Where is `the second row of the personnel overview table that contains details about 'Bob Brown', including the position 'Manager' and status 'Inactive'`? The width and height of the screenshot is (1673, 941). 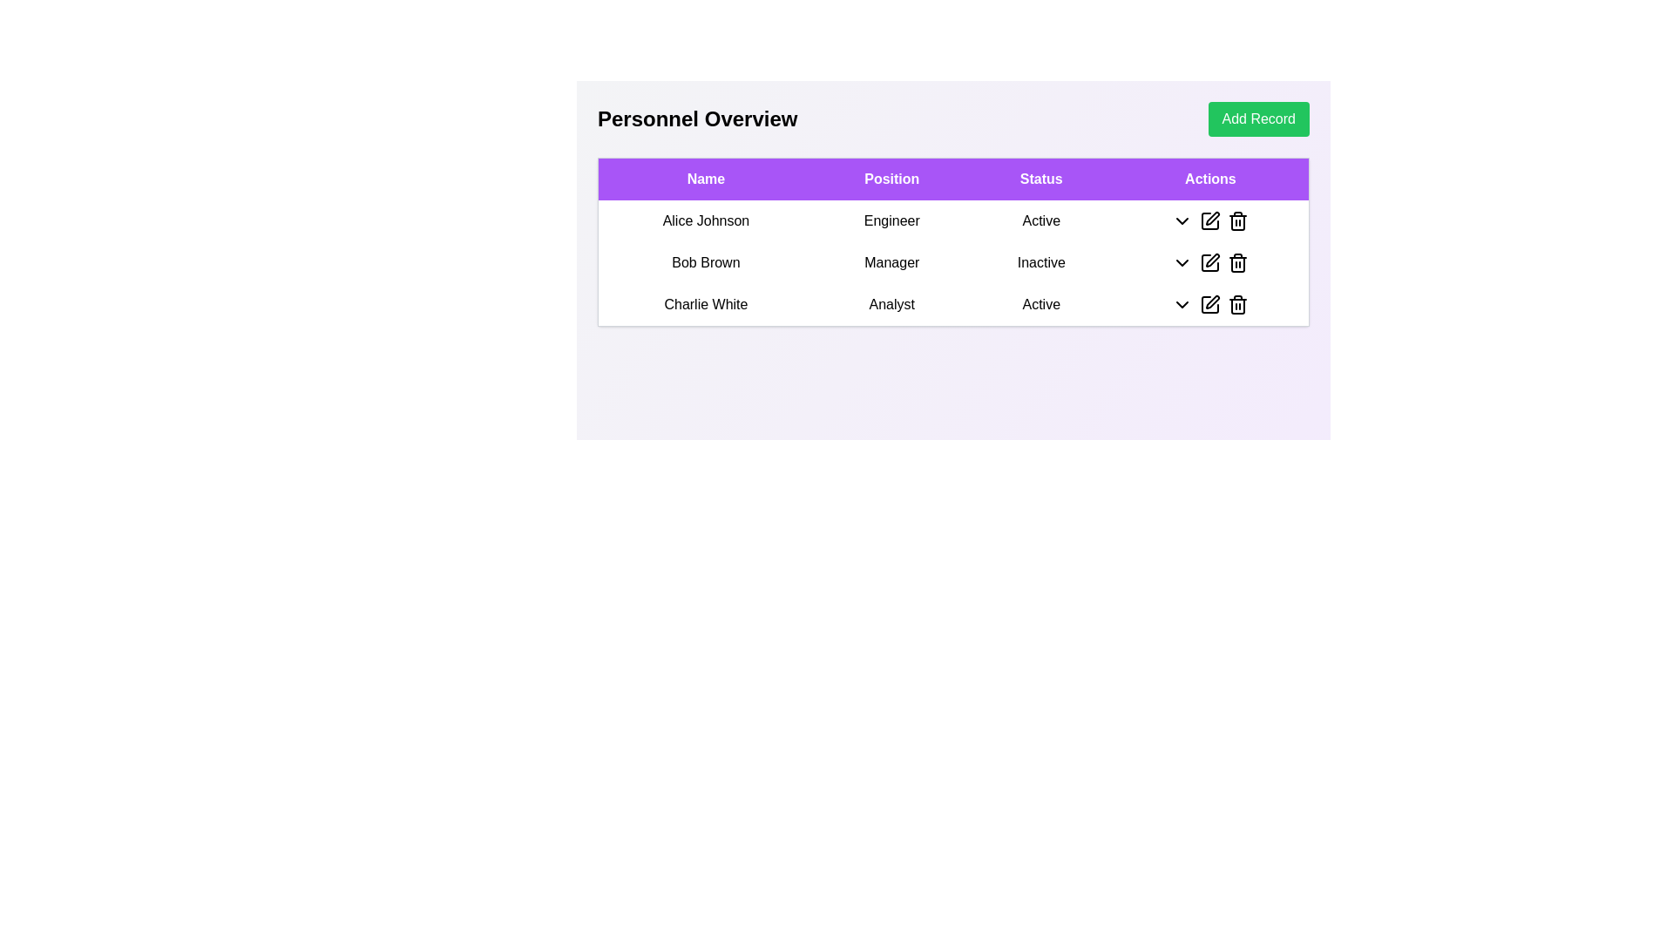 the second row of the personnel overview table that contains details about 'Bob Brown', including the position 'Manager' and status 'Inactive' is located at coordinates (952, 263).